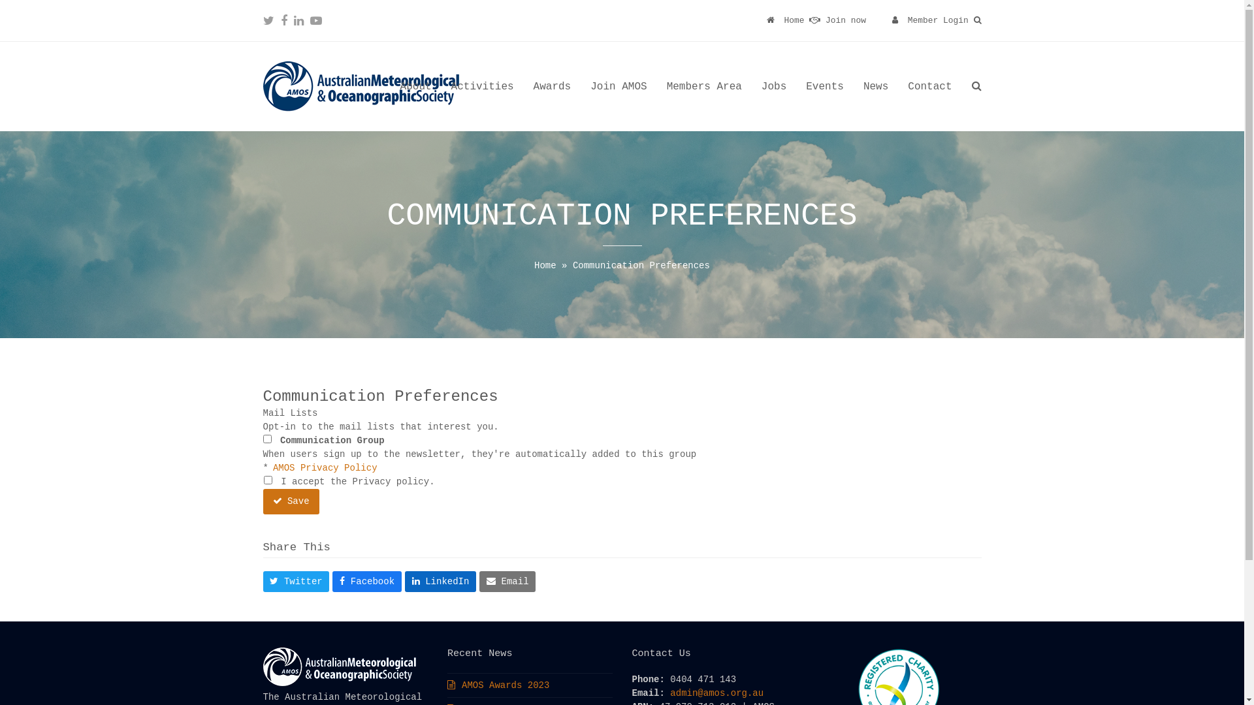 The height and width of the screenshot is (705, 1254). I want to click on 'Members Area', so click(703, 86).